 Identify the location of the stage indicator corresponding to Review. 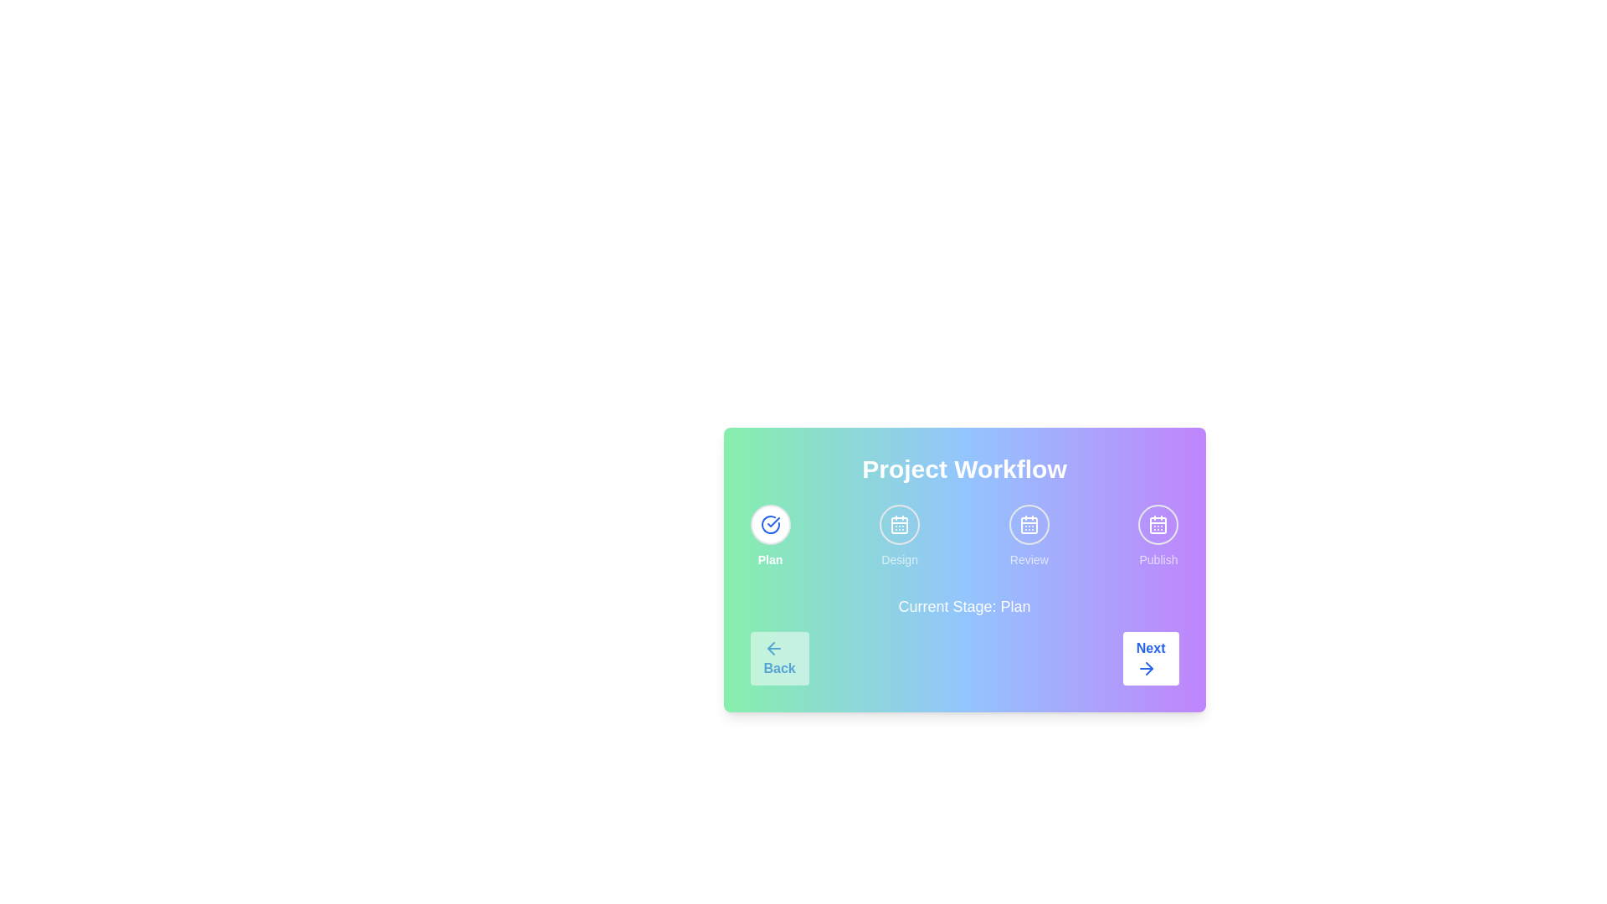
(1028, 524).